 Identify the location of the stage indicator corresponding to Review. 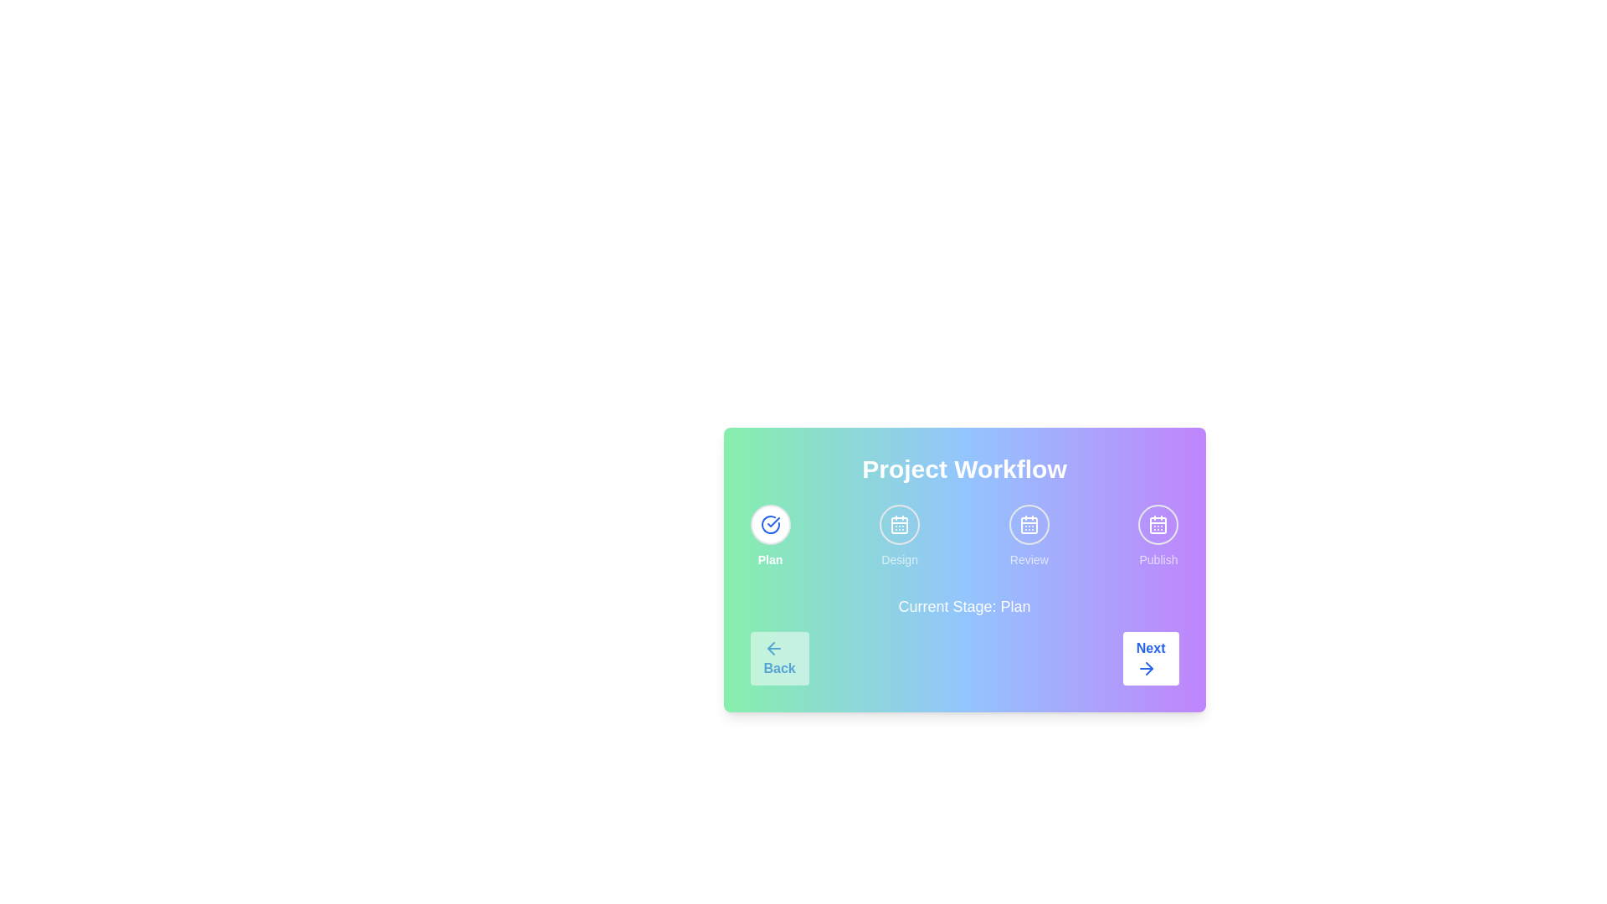
(1028, 524).